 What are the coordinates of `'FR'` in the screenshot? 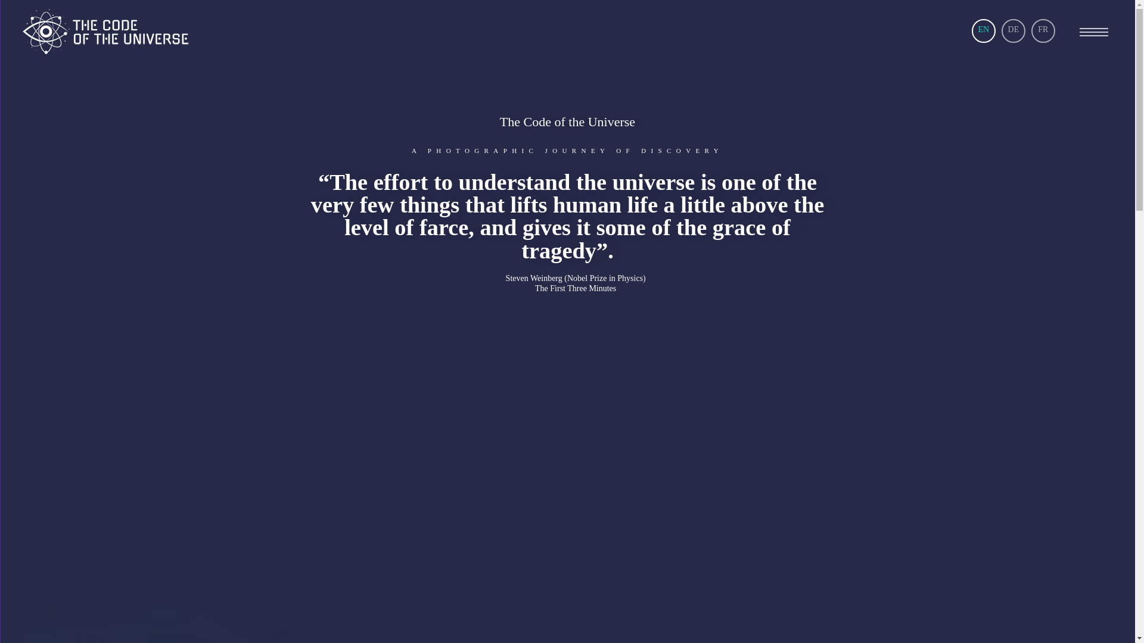 It's located at (1043, 29).